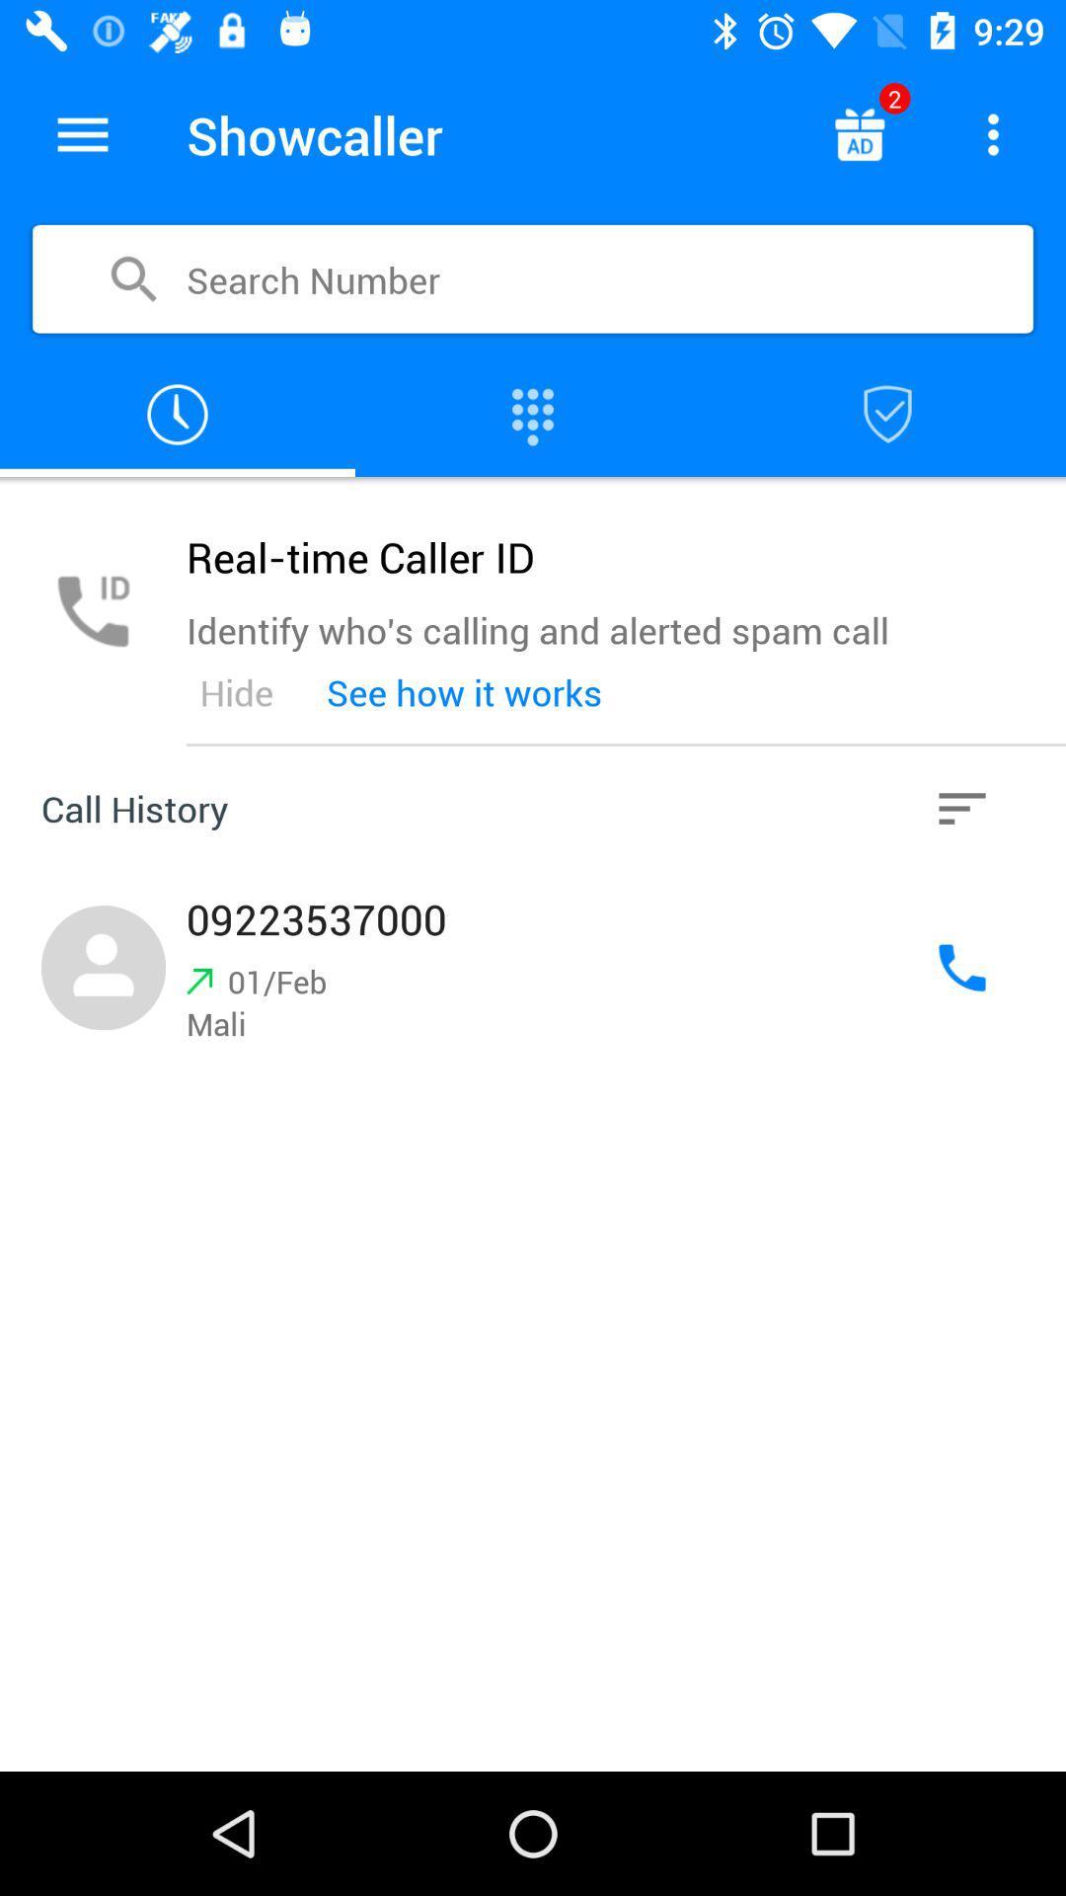 The image size is (1066, 1896). I want to click on the hide icon, so click(235, 692).